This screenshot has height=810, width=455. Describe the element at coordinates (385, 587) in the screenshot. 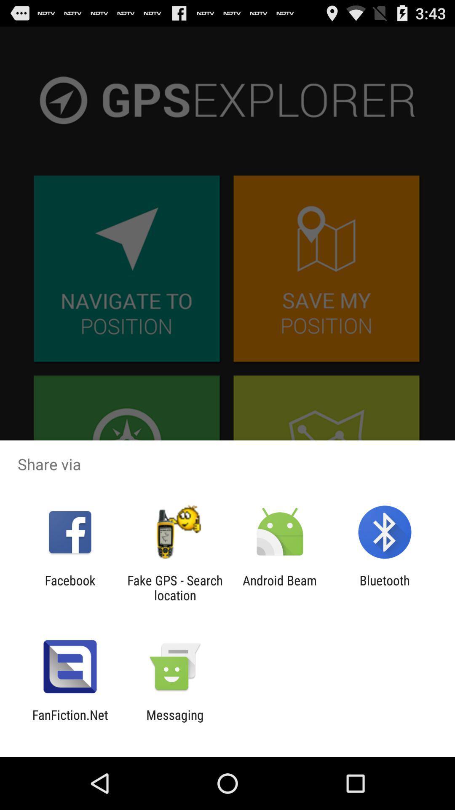

I see `icon next to android beam` at that location.